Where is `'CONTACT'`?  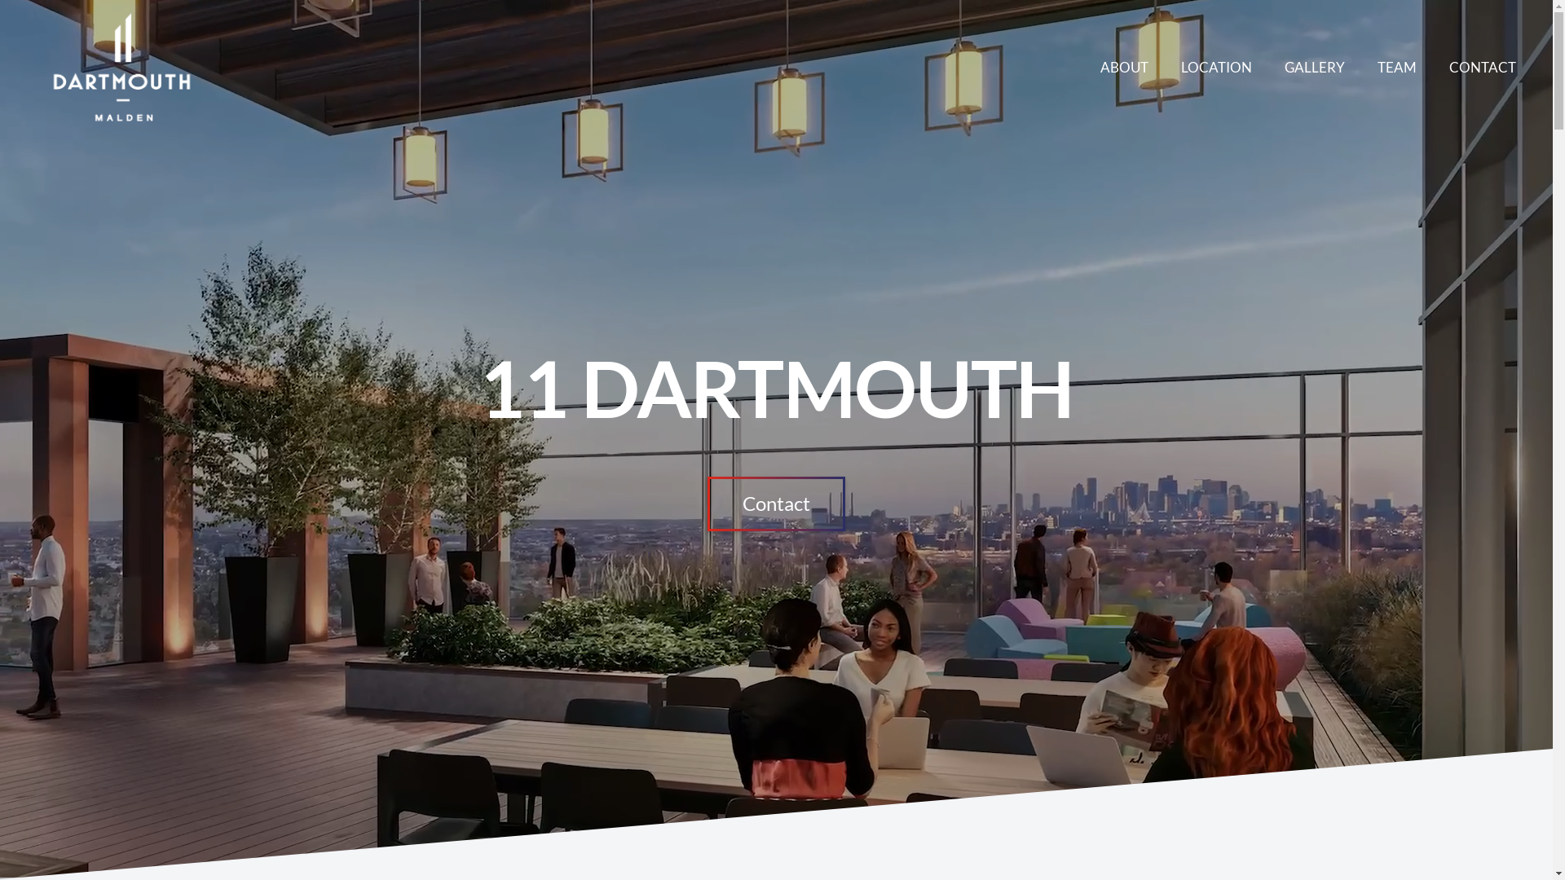
'CONTACT' is located at coordinates (1483, 66).